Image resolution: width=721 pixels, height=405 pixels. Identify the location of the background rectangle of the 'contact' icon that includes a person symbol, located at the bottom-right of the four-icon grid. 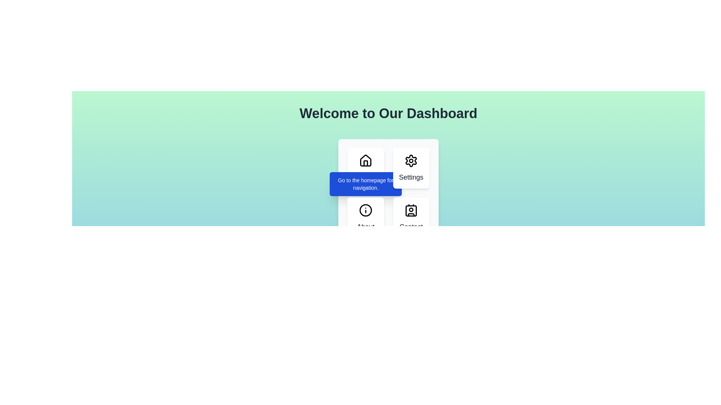
(410, 211).